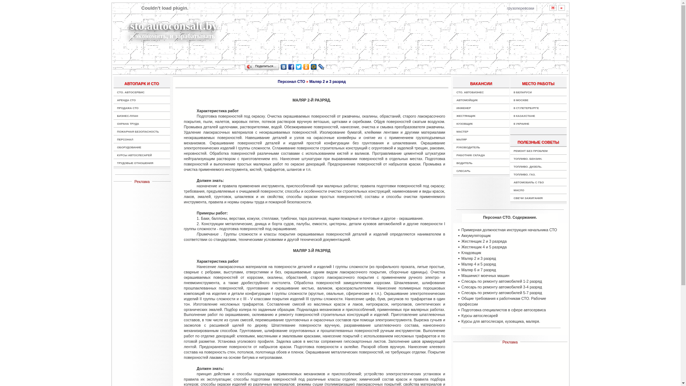 The image size is (686, 386). I want to click on 'Advertisement', so click(378, 31).